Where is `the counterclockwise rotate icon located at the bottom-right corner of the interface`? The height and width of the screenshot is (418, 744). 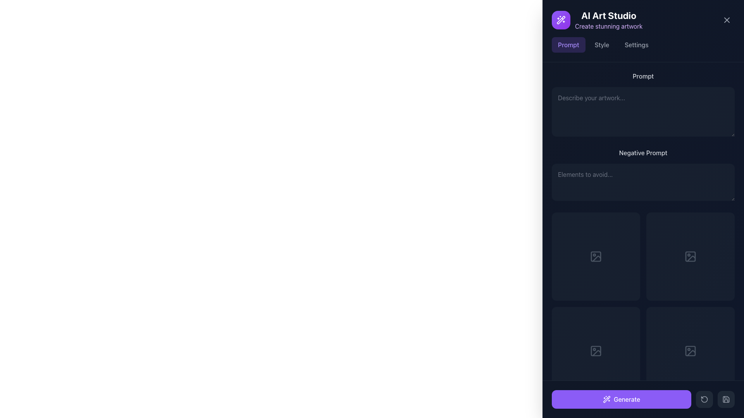 the counterclockwise rotate icon located at the bottom-right corner of the interface is located at coordinates (704, 399).